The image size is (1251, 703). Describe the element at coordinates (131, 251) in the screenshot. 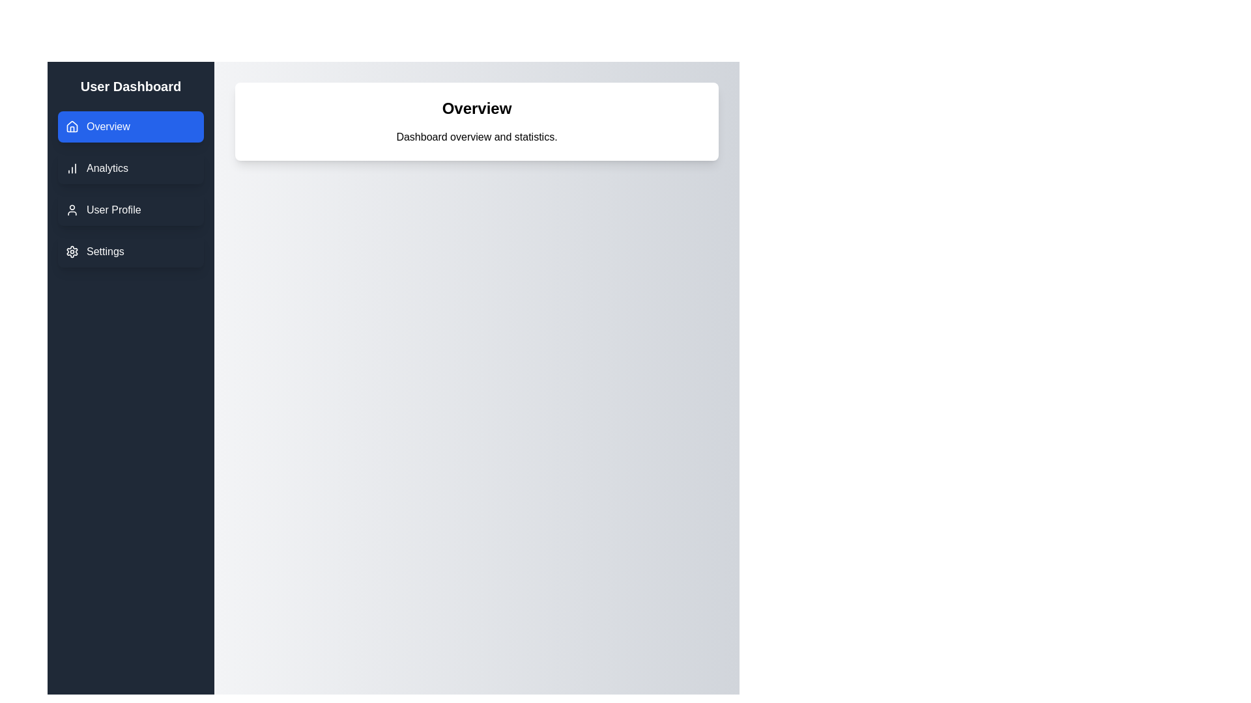

I see `the section Settings from the navigation menu` at that location.